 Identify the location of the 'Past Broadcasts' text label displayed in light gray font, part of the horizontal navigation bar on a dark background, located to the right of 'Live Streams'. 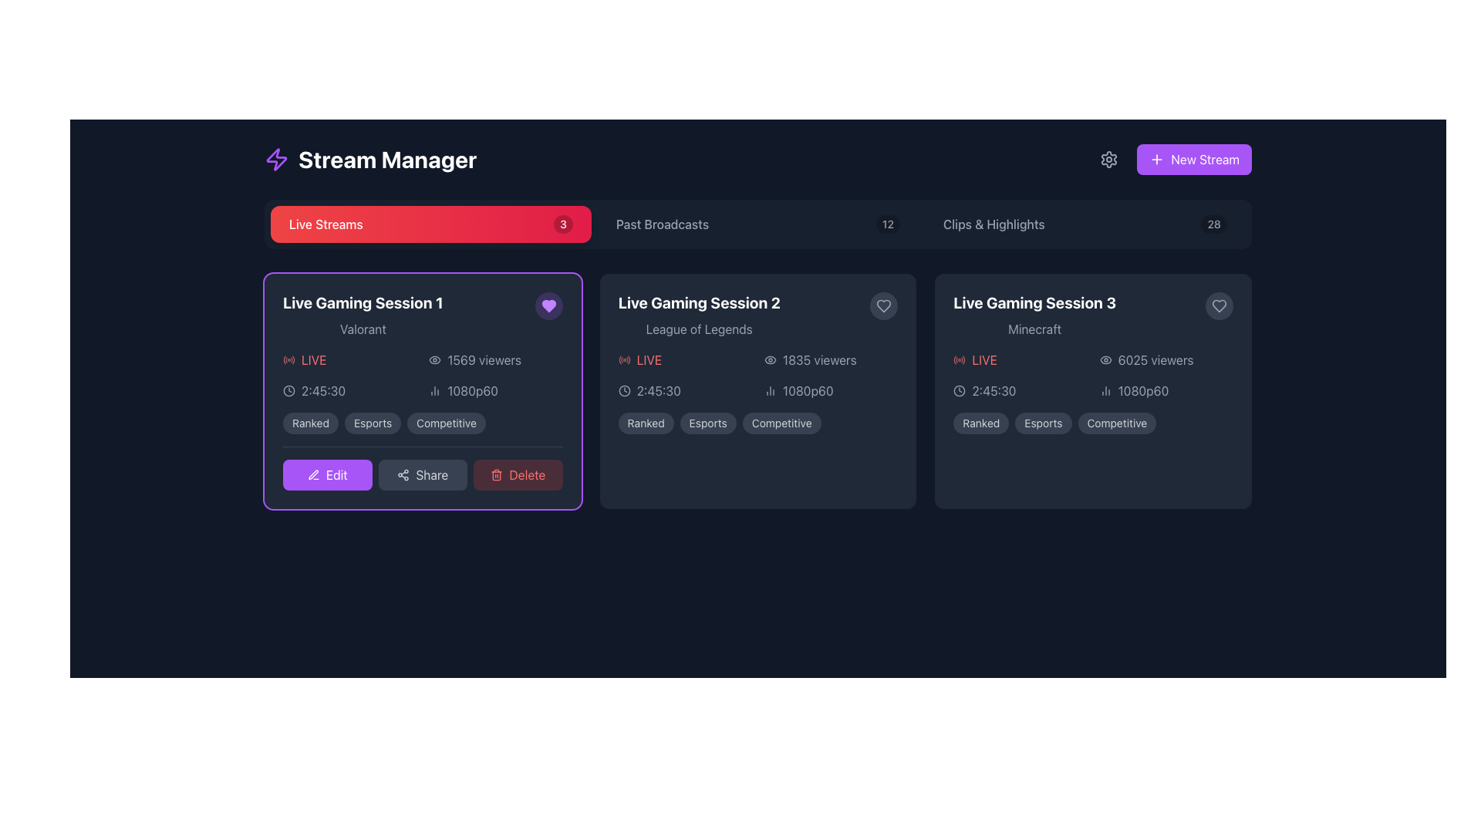
(663, 224).